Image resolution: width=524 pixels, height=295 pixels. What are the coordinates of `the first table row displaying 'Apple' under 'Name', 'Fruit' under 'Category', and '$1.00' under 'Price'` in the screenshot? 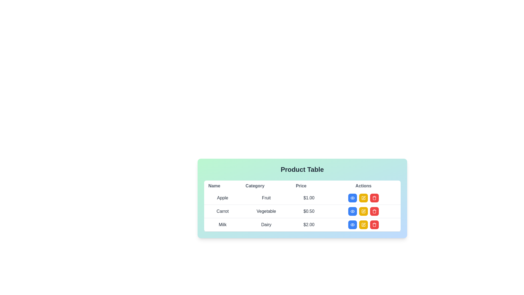 It's located at (302, 198).